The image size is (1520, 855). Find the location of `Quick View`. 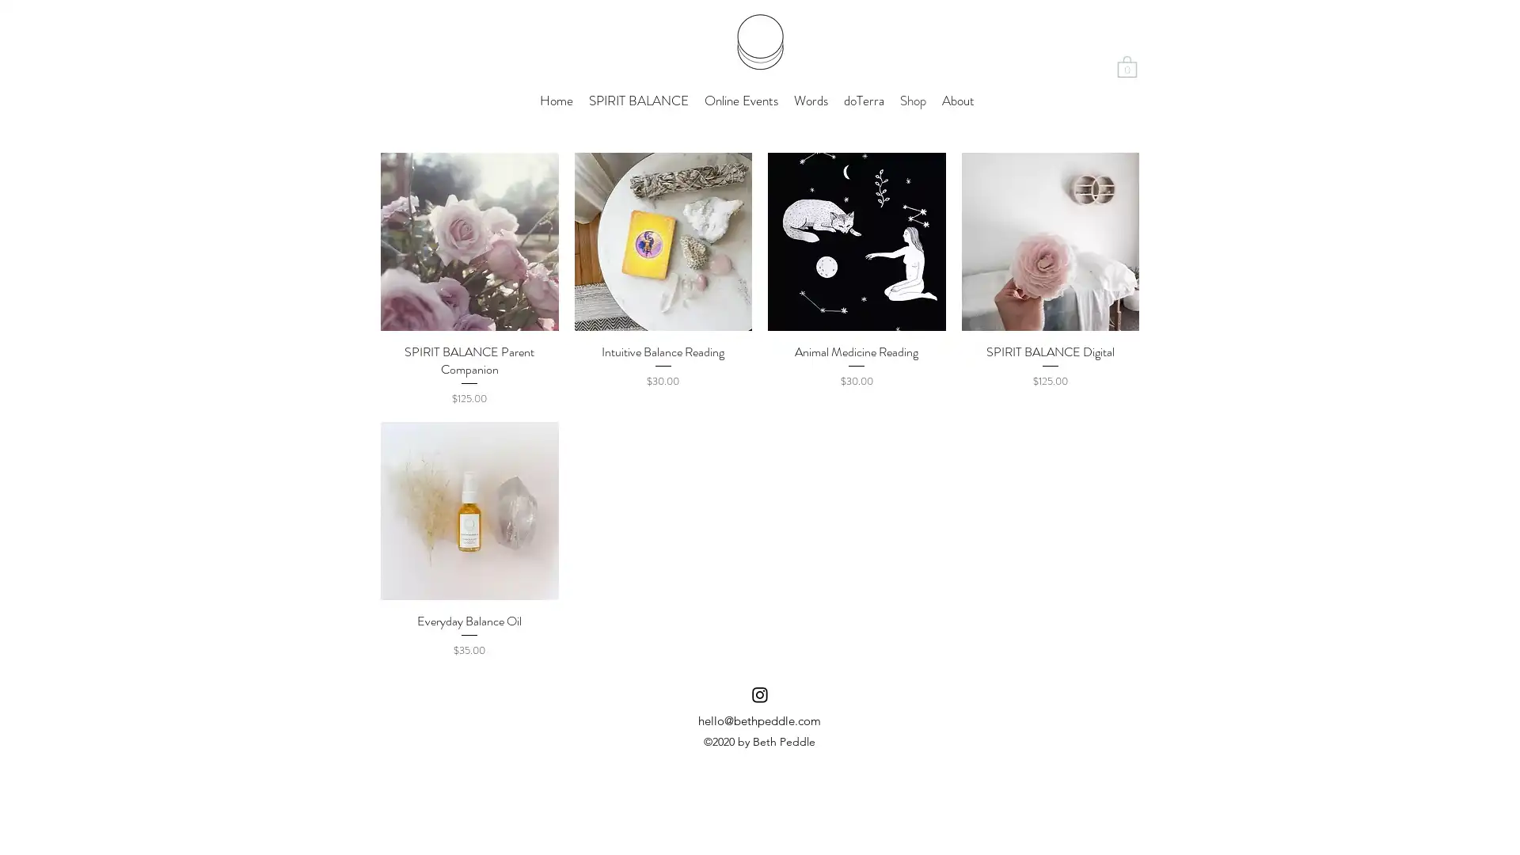

Quick View is located at coordinates (855, 349).